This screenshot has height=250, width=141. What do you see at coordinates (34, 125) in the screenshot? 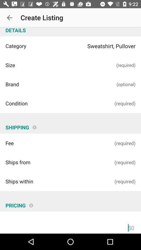
I see `the info icon` at bounding box center [34, 125].